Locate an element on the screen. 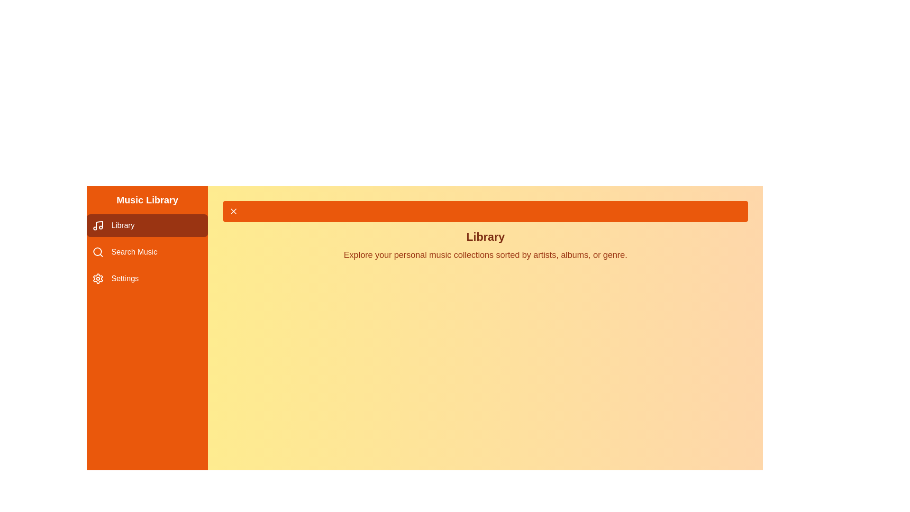 This screenshot has height=512, width=910. the toggle button to open or close the drawer is located at coordinates (485, 211).